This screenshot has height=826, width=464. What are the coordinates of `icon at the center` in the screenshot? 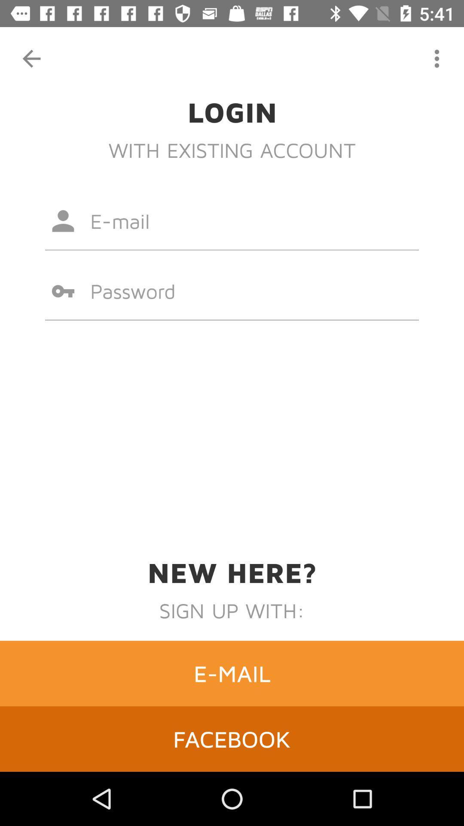 It's located at (232, 291).